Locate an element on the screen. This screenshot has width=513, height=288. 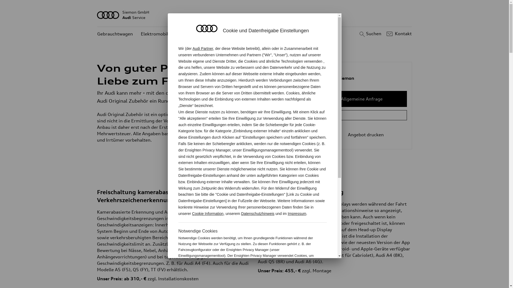
'Impressum' is located at coordinates (297, 213).